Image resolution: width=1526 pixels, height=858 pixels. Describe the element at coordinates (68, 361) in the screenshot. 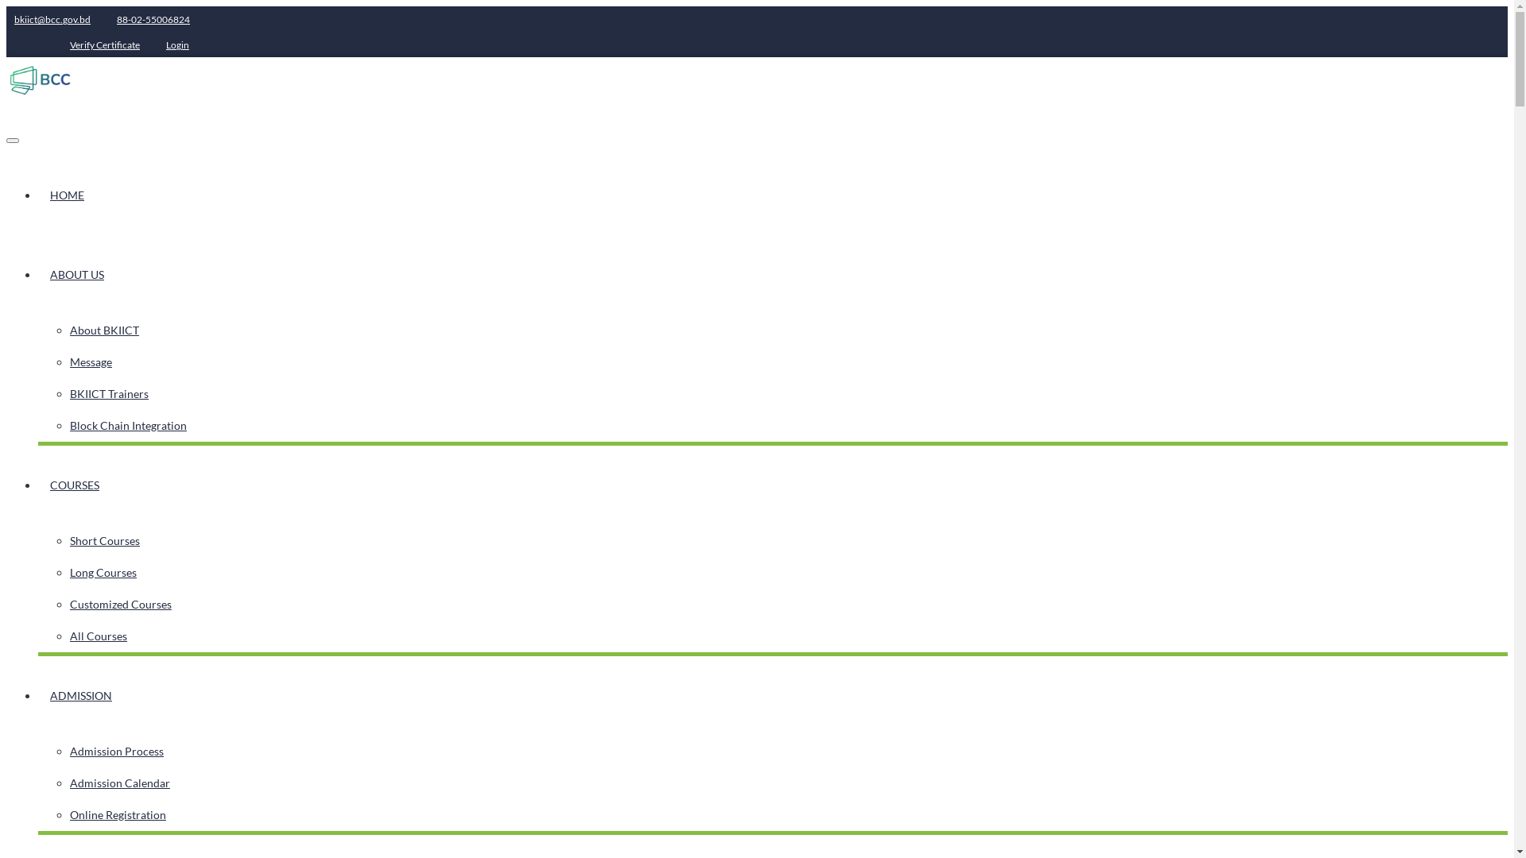

I see `'Message'` at that location.